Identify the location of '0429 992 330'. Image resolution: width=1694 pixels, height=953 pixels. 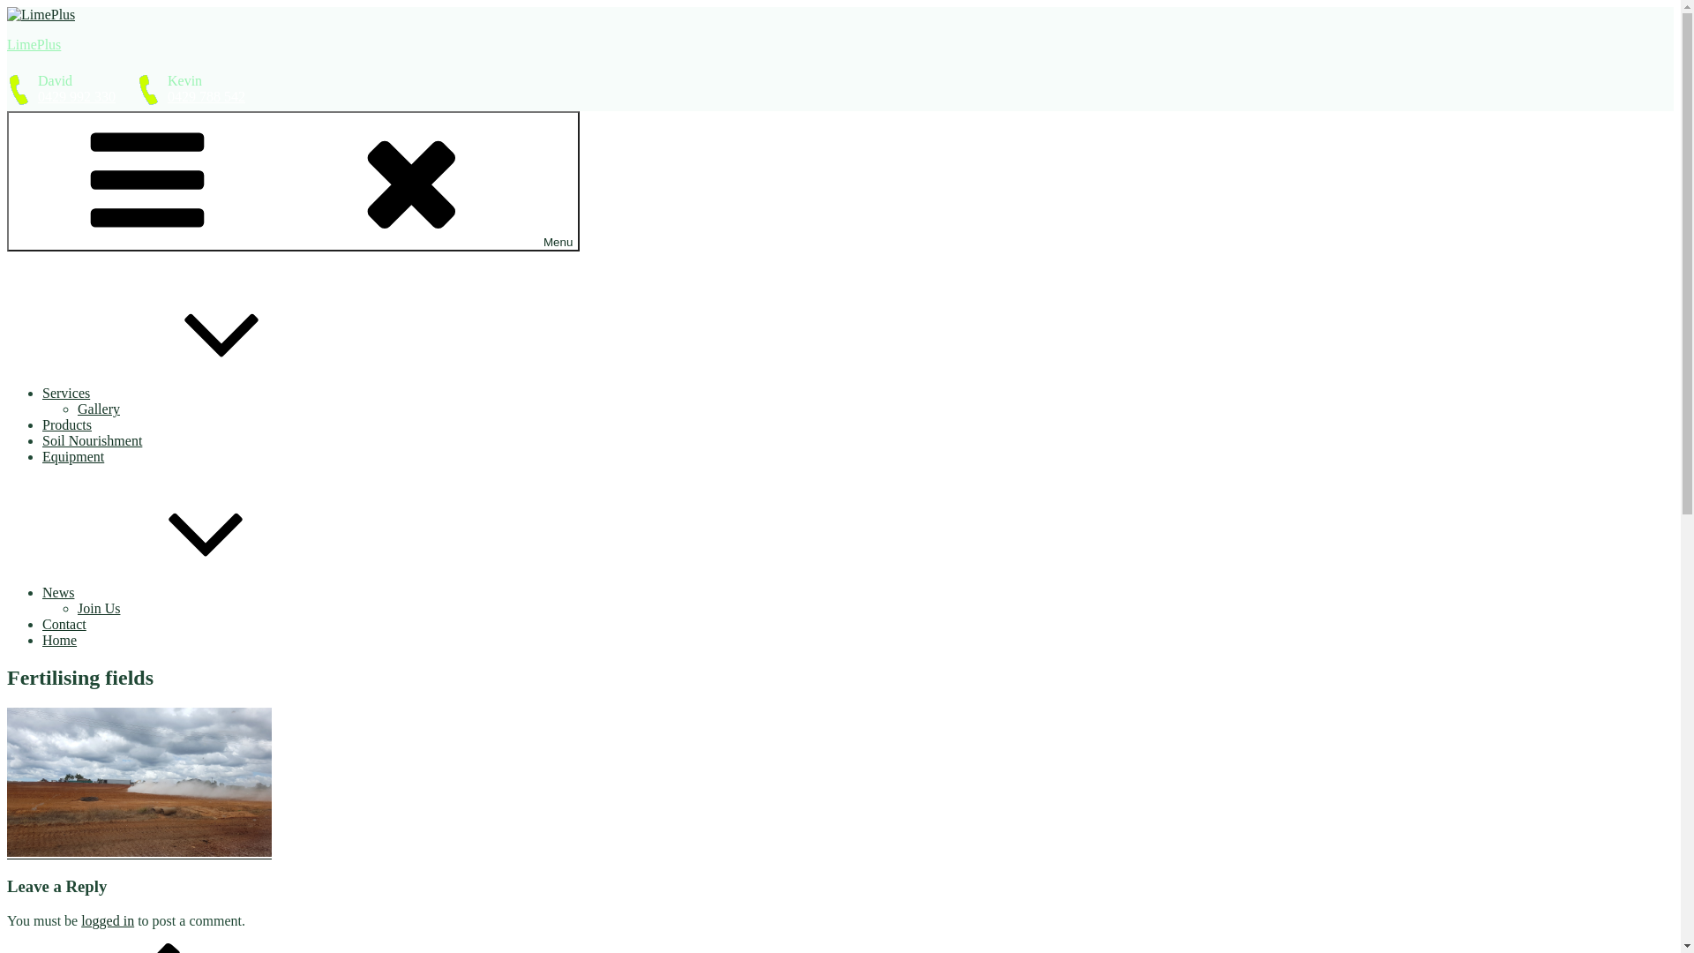
(75, 96).